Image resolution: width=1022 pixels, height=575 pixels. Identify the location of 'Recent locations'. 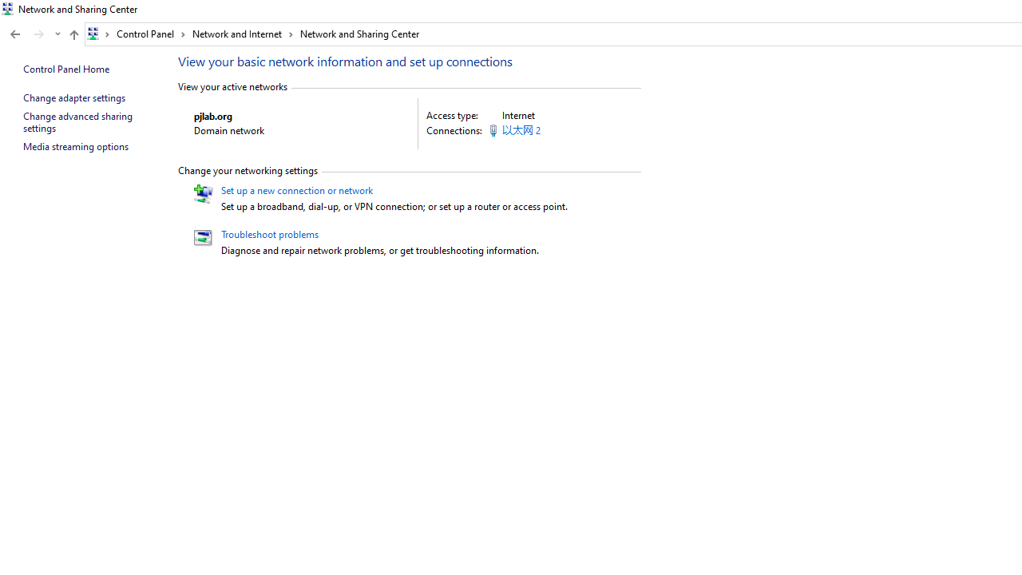
(57, 34).